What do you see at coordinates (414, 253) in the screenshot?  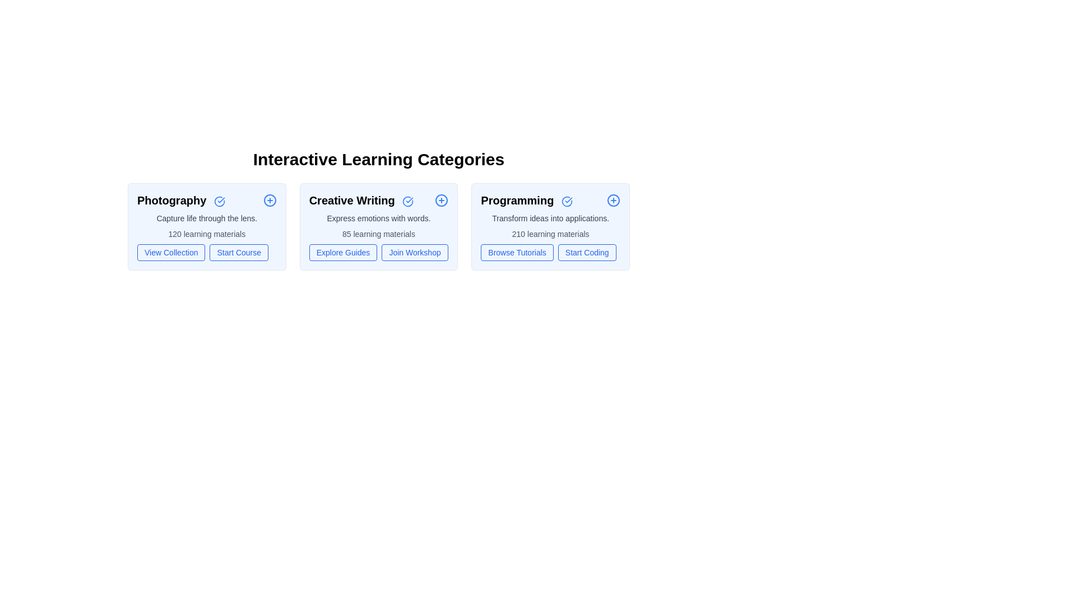 I see `the action button Join Workshop for the category Creative Writing` at bounding box center [414, 253].